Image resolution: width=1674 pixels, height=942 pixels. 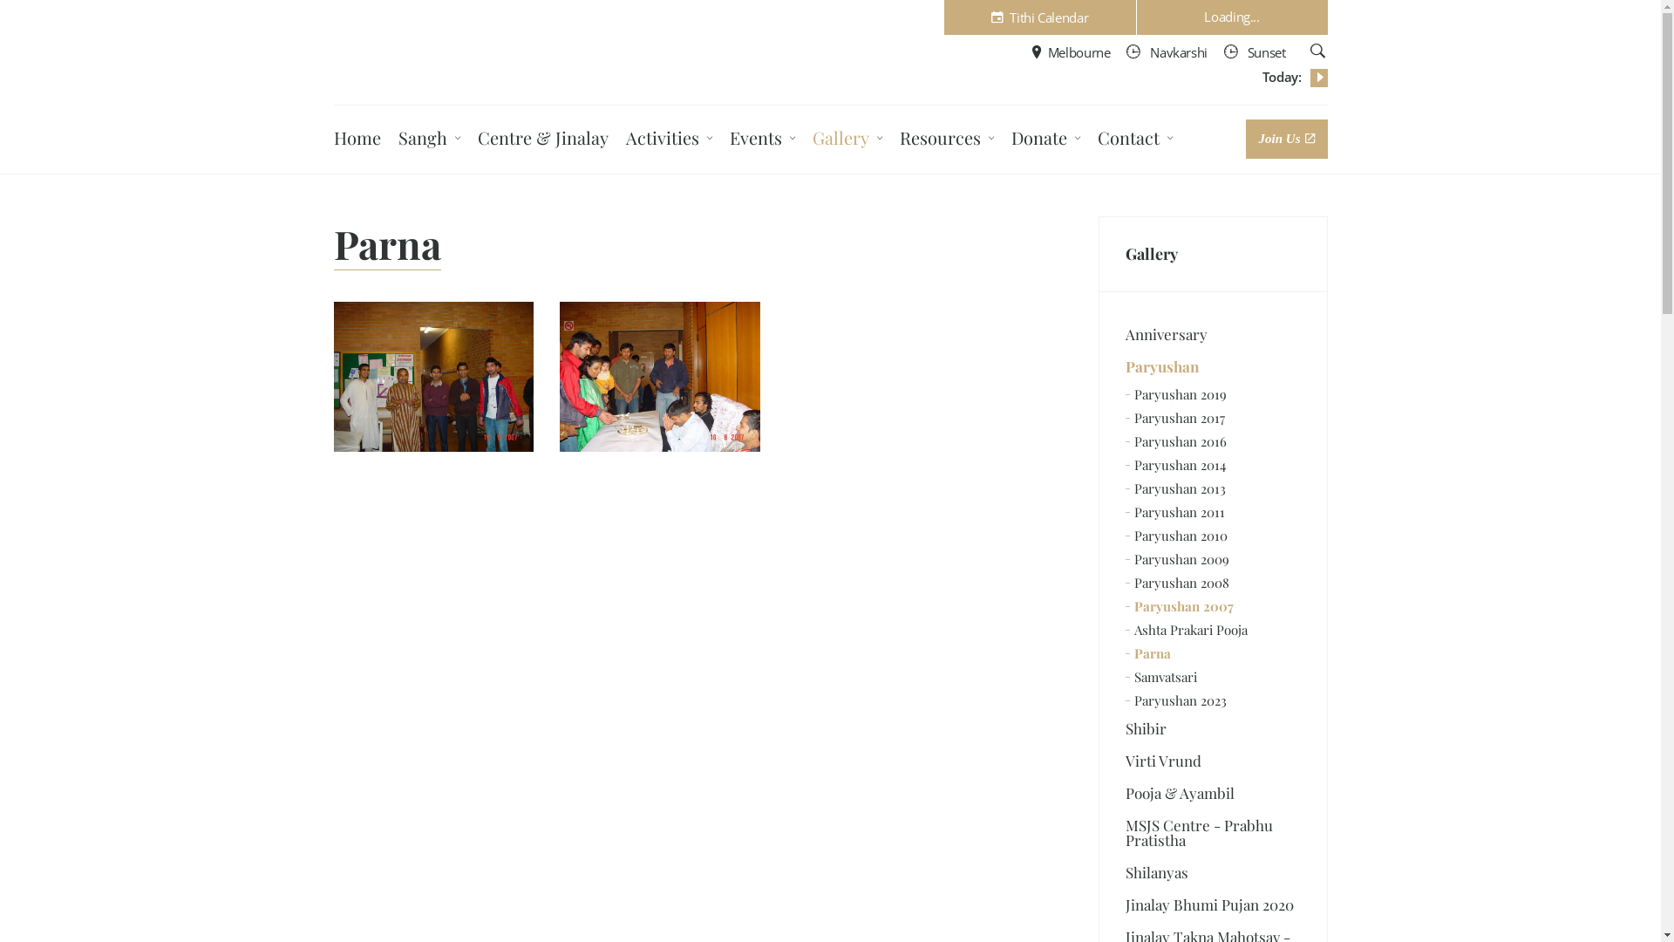 I want to click on 'Paryushan 2009', so click(x=1212, y=559).